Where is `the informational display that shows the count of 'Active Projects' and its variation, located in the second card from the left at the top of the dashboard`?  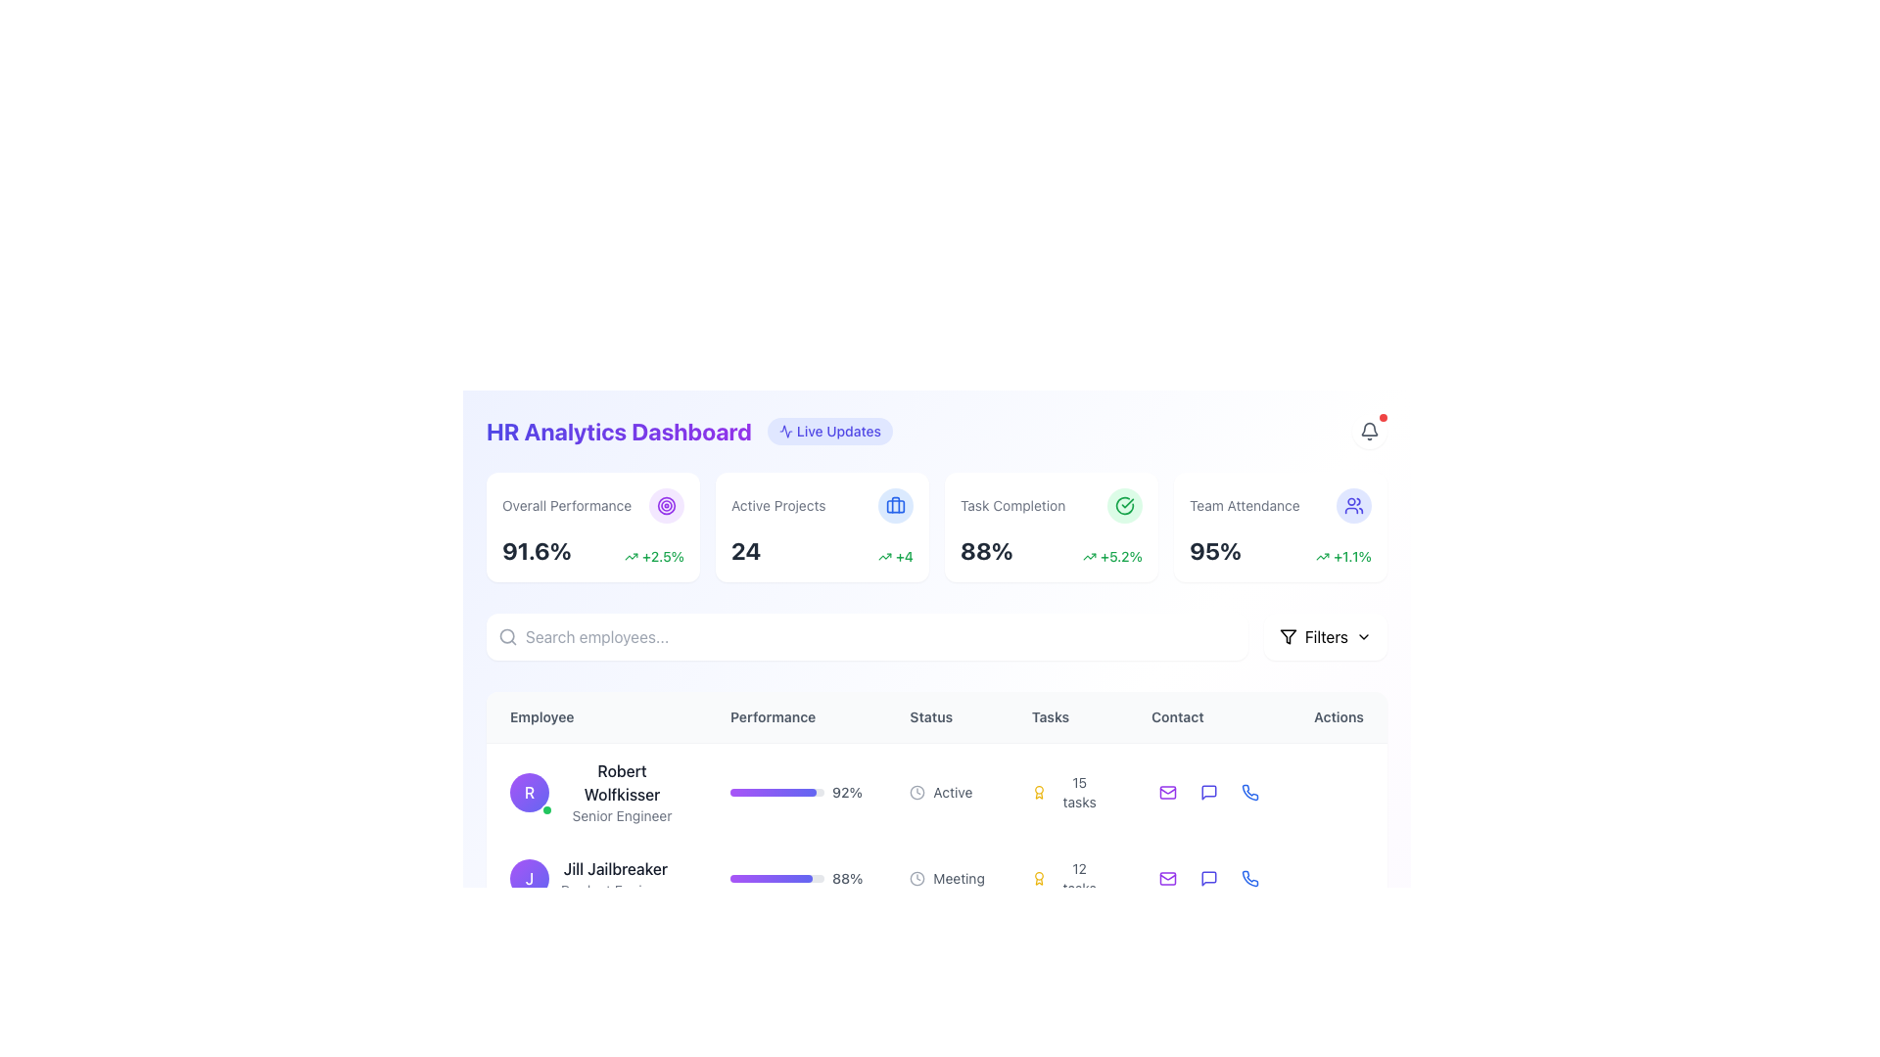
the informational display that shows the count of 'Active Projects' and its variation, located in the second card from the left at the top of the dashboard is located at coordinates (822, 551).